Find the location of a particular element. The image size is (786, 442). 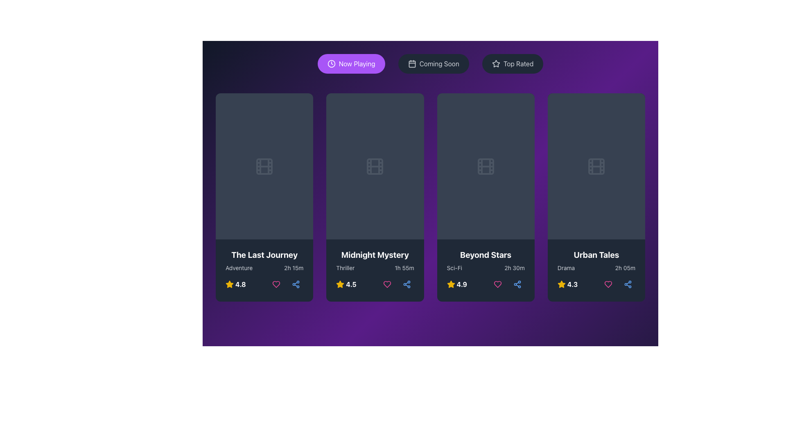

the 'Coming Soon' button, which is a rounded rectangle with a dark gray background and light gray text, positioned between the 'Now Playing' and 'Top Rated' buttons is located at coordinates (433, 63).